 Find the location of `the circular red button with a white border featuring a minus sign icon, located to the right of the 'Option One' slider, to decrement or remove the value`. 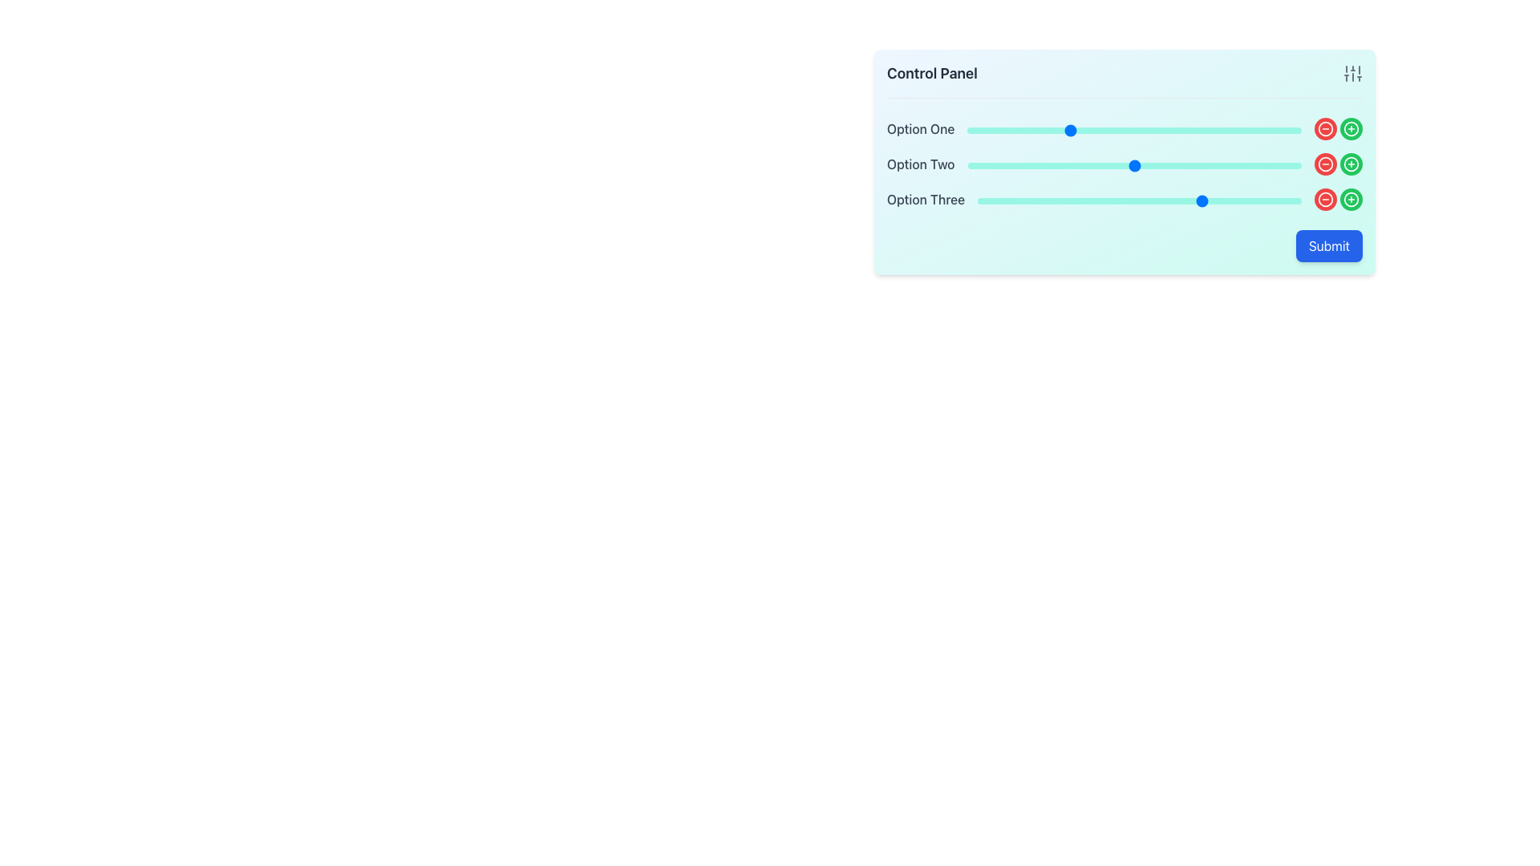

the circular red button with a white border featuring a minus sign icon, located to the right of the 'Option One' slider, to decrement or remove the value is located at coordinates (1325, 128).